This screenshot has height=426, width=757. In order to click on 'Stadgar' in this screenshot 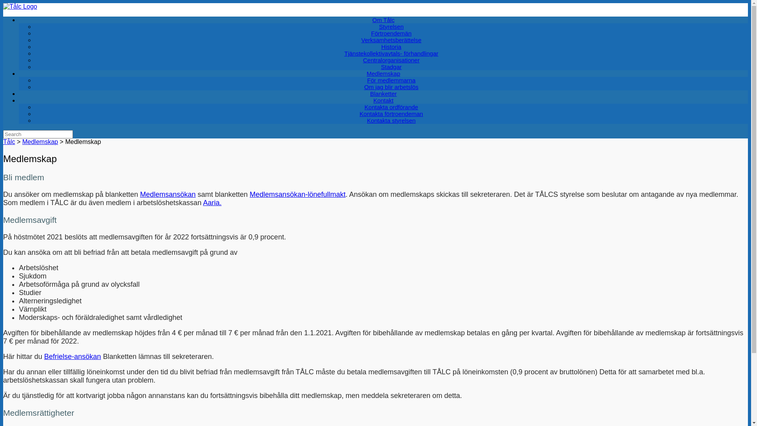, I will do `click(391, 66)`.